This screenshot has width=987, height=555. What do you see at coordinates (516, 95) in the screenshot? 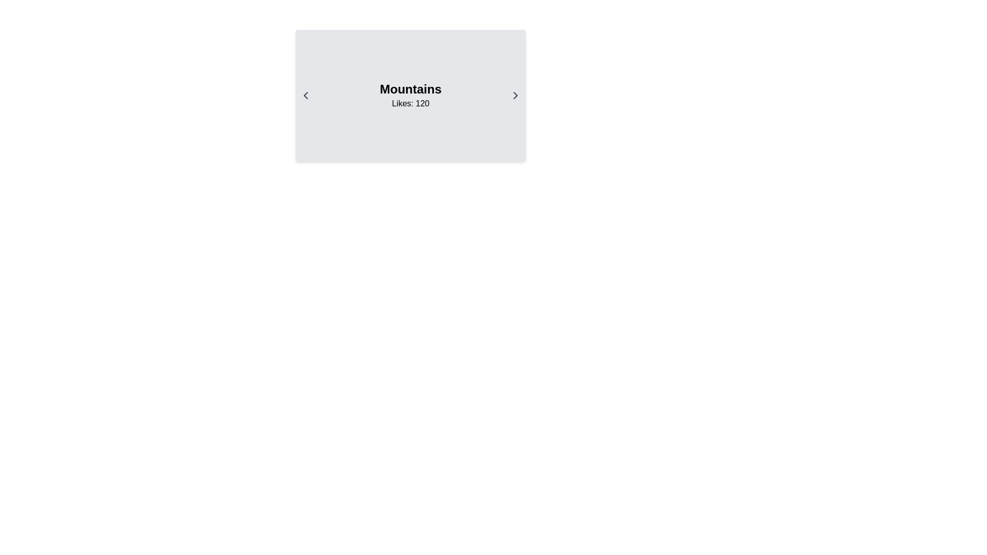
I see `the chevron right icon located at the top right corner of the card titled 'Mountains'` at bounding box center [516, 95].